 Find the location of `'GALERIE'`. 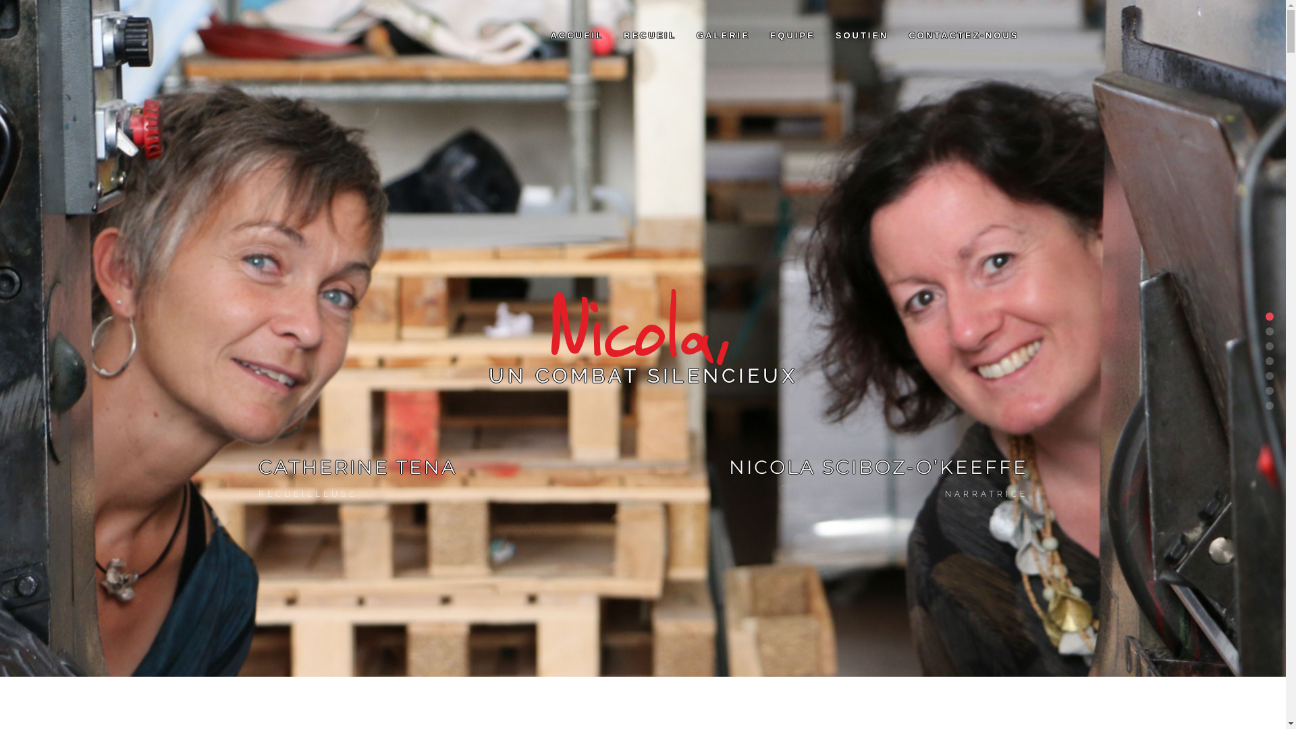

'GALERIE' is located at coordinates (722, 35).